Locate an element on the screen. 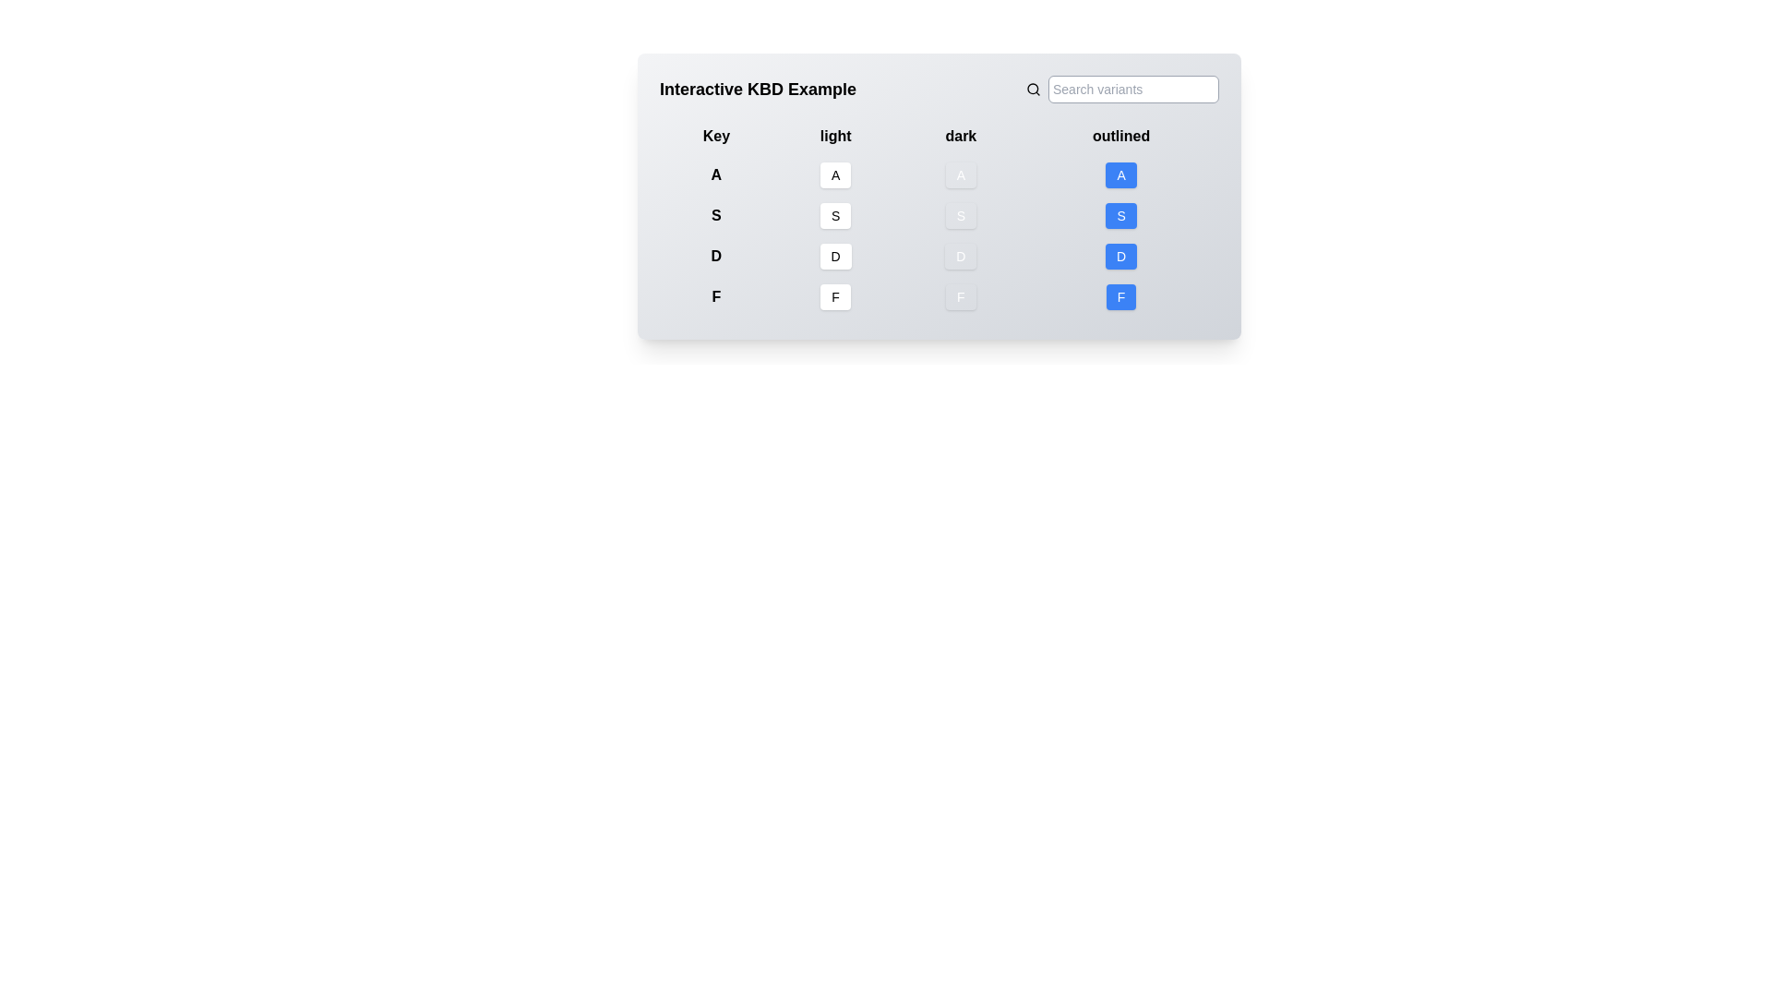 Image resolution: width=1772 pixels, height=997 pixels. the search input field located on the upper-right side of the interface, which is the second element is located at coordinates (1132, 89).